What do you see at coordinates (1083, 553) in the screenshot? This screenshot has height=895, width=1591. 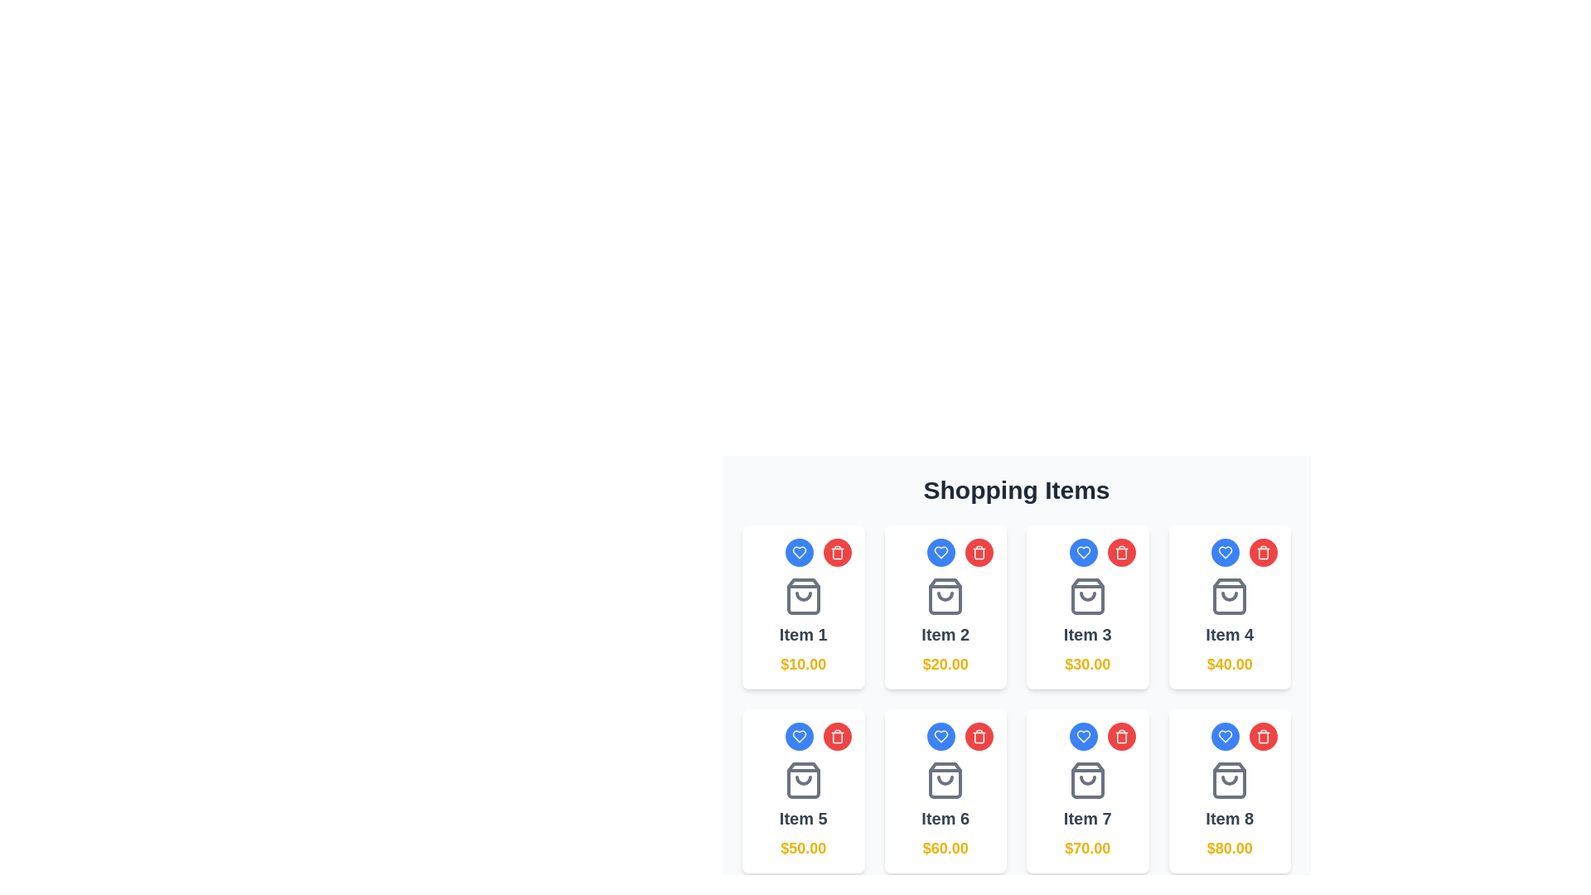 I see `the heart-shaped icon outlined in blue within a circular blue background located at the top left corner of the card labeled 'Item 3' to mark the item as a favorite` at bounding box center [1083, 553].